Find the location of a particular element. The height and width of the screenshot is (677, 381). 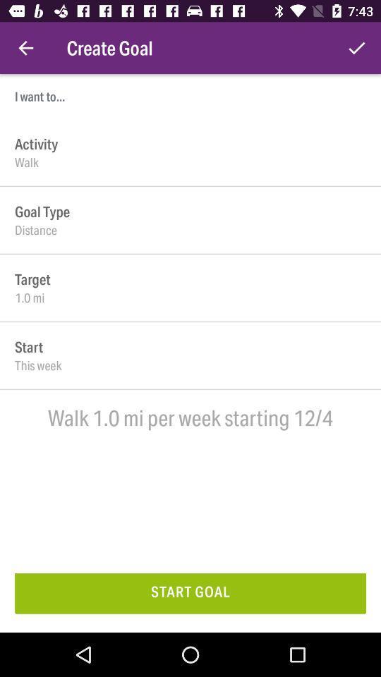

the icon to the left of the create goal icon is located at coordinates (25, 48).